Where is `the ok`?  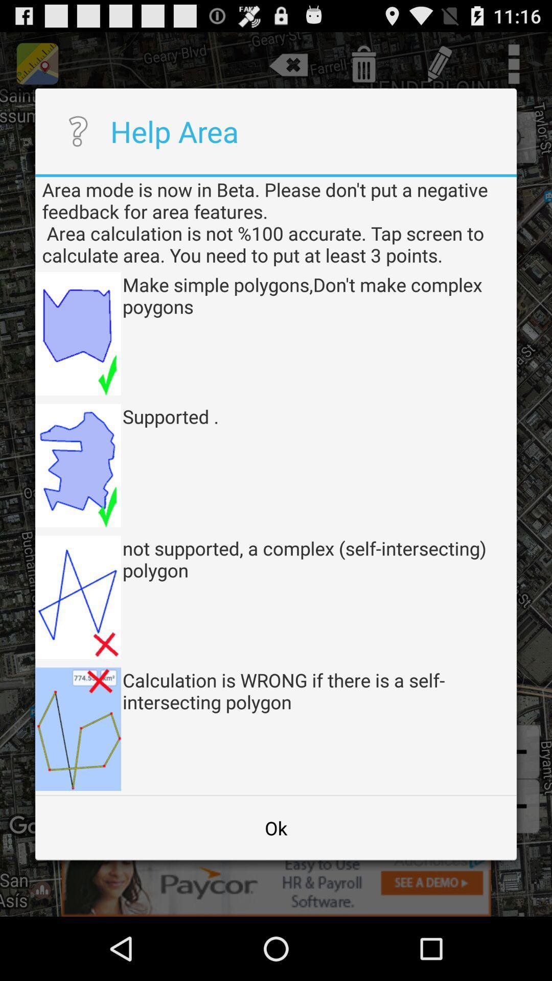 the ok is located at coordinates (276, 828).